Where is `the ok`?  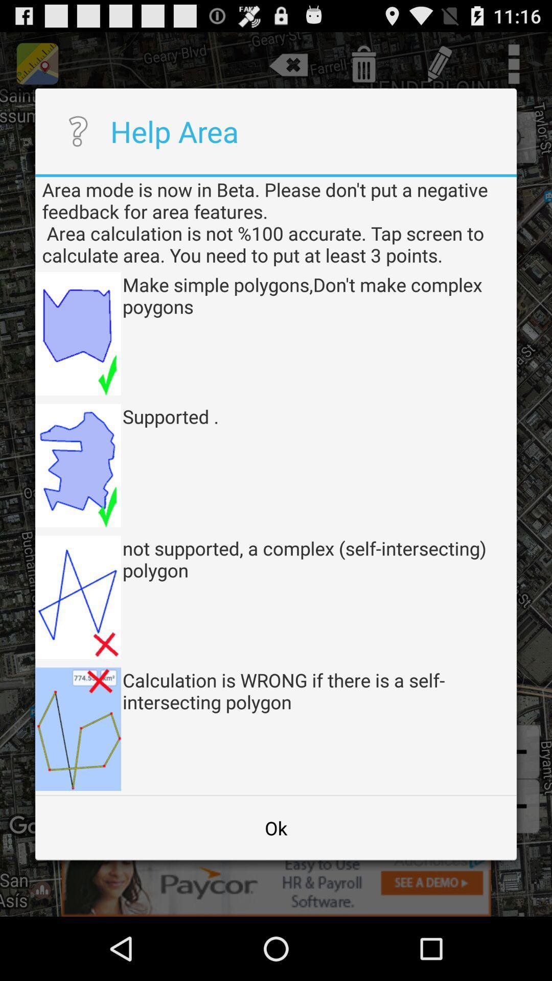 the ok is located at coordinates (276, 828).